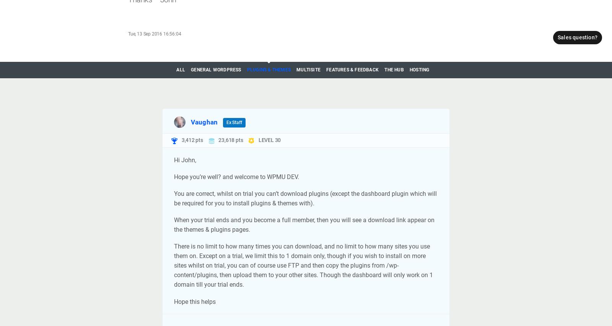  I want to click on 'When your trial ends and you become a full member, then you will see a download link appear on the themes & plugins pages.', so click(304, 225).